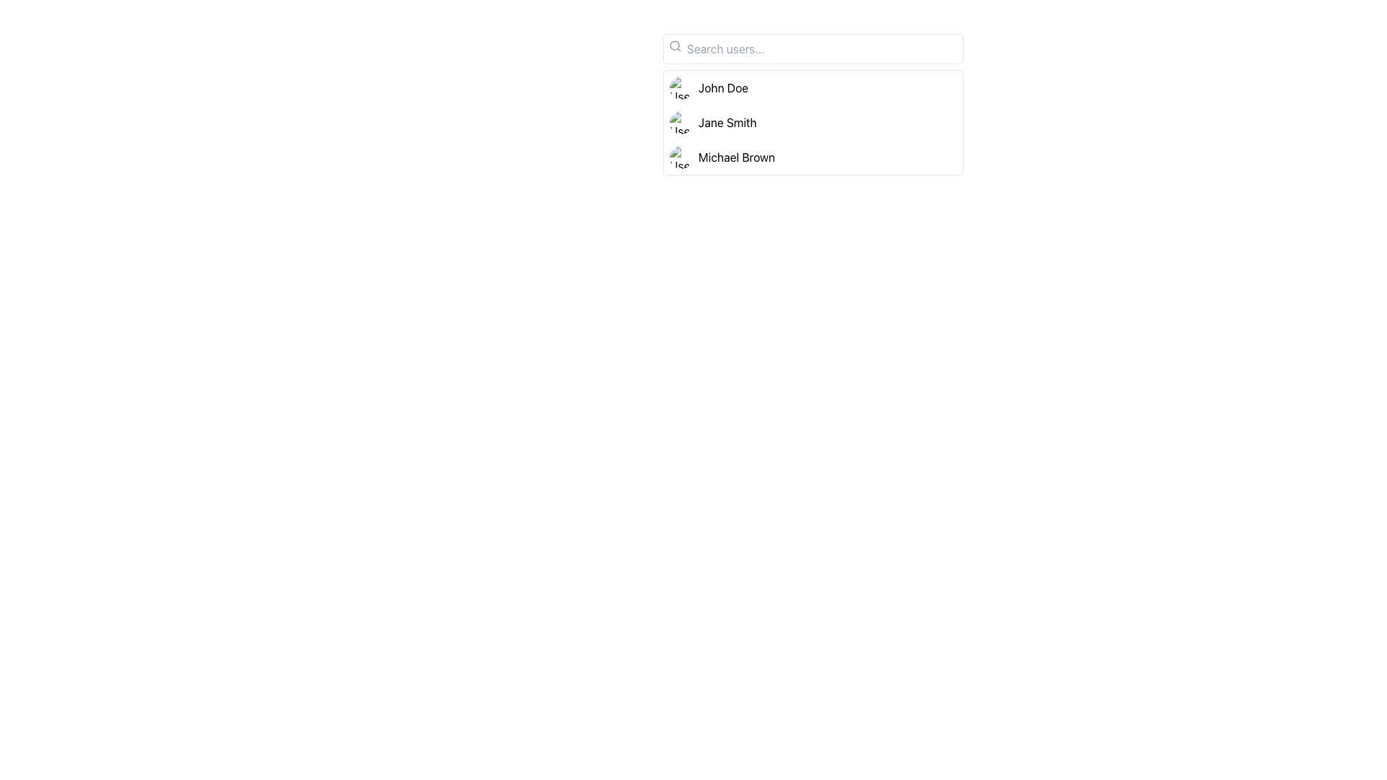 The image size is (1387, 780). I want to click on the first list item entry labeled 'John Doe', which features a circular avatar image on the left, so click(813, 88).